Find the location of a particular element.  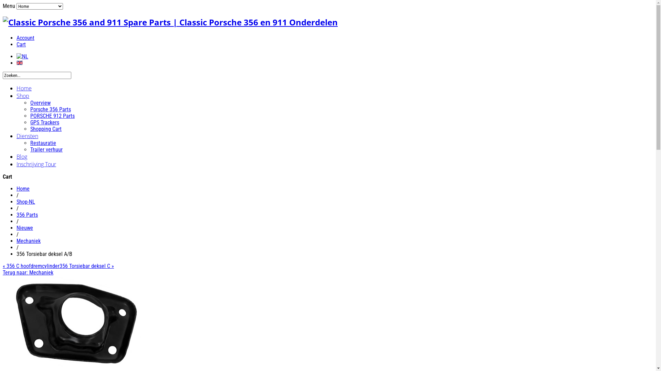

'Shop' is located at coordinates (23, 95).